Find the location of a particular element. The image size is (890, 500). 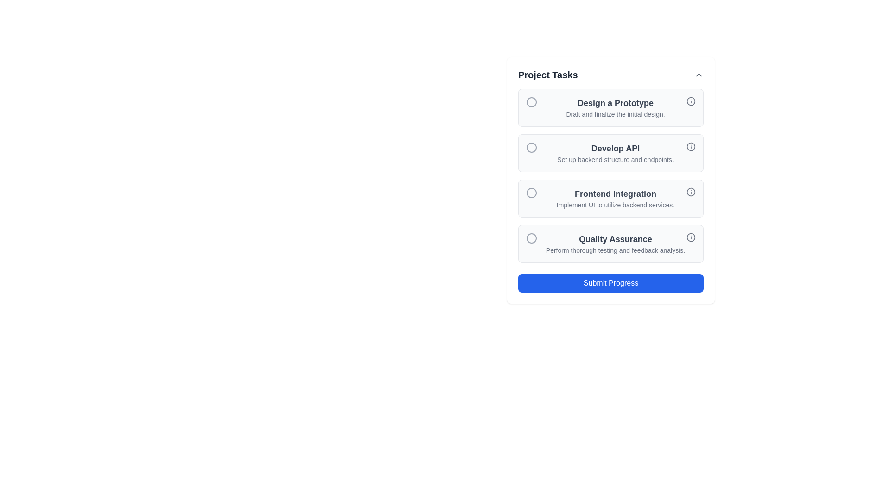

the gray circular radio button located to the left of the 'Quality Assurance' task item in the 'Project Tasks' section is located at coordinates (532, 238).